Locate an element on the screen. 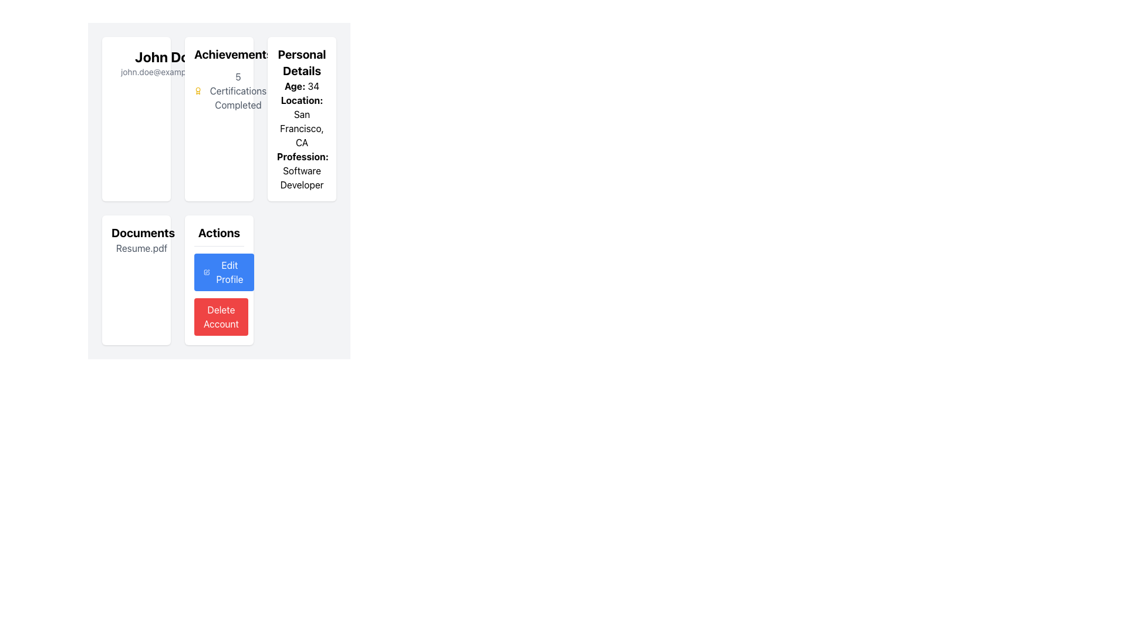 This screenshot has height=634, width=1127. text displayed in the age information label located in the 'Personal Details' panel, which is the second entry below the title 'Personal Details' is located at coordinates (302, 85).